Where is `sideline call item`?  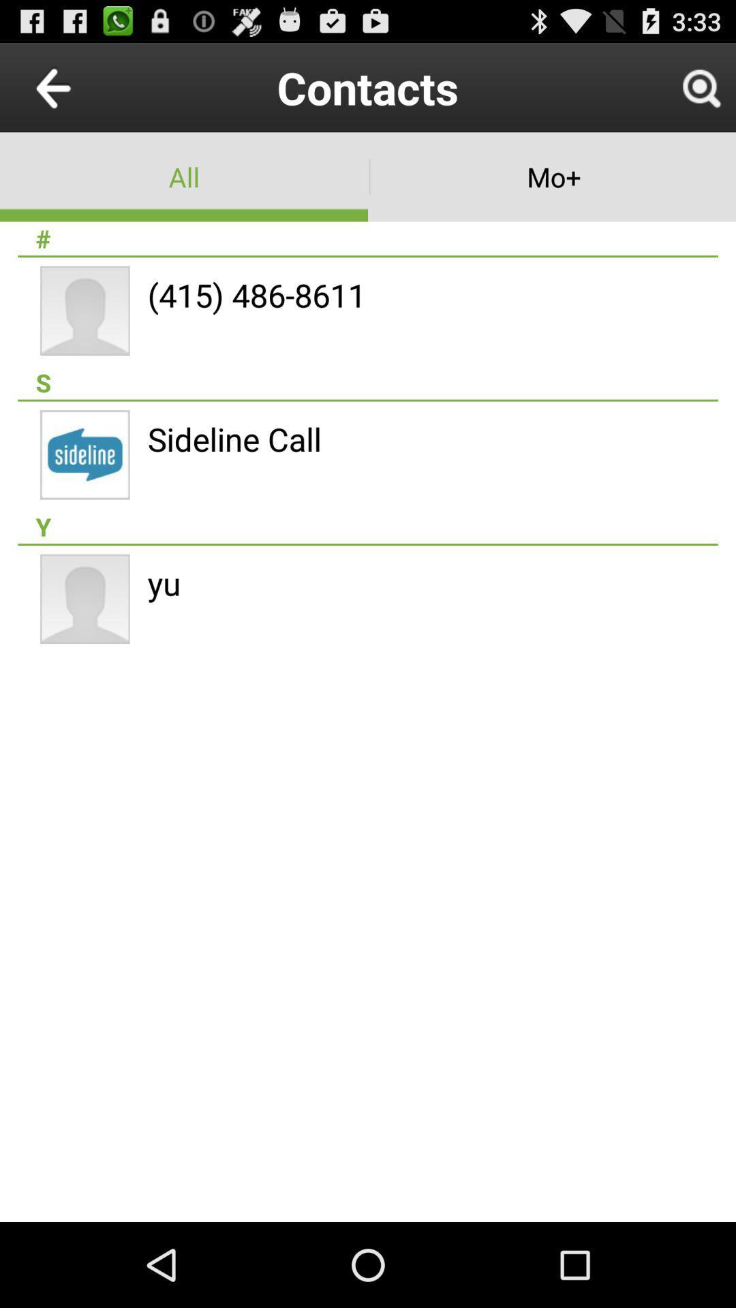
sideline call item is located at coordinates (234, 439).